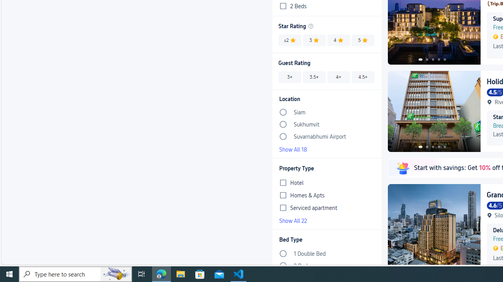 The image size is (503, 282). Describe the element at coordinates (314, 77) in the screenshot. I see `'3.5+'` at that location.